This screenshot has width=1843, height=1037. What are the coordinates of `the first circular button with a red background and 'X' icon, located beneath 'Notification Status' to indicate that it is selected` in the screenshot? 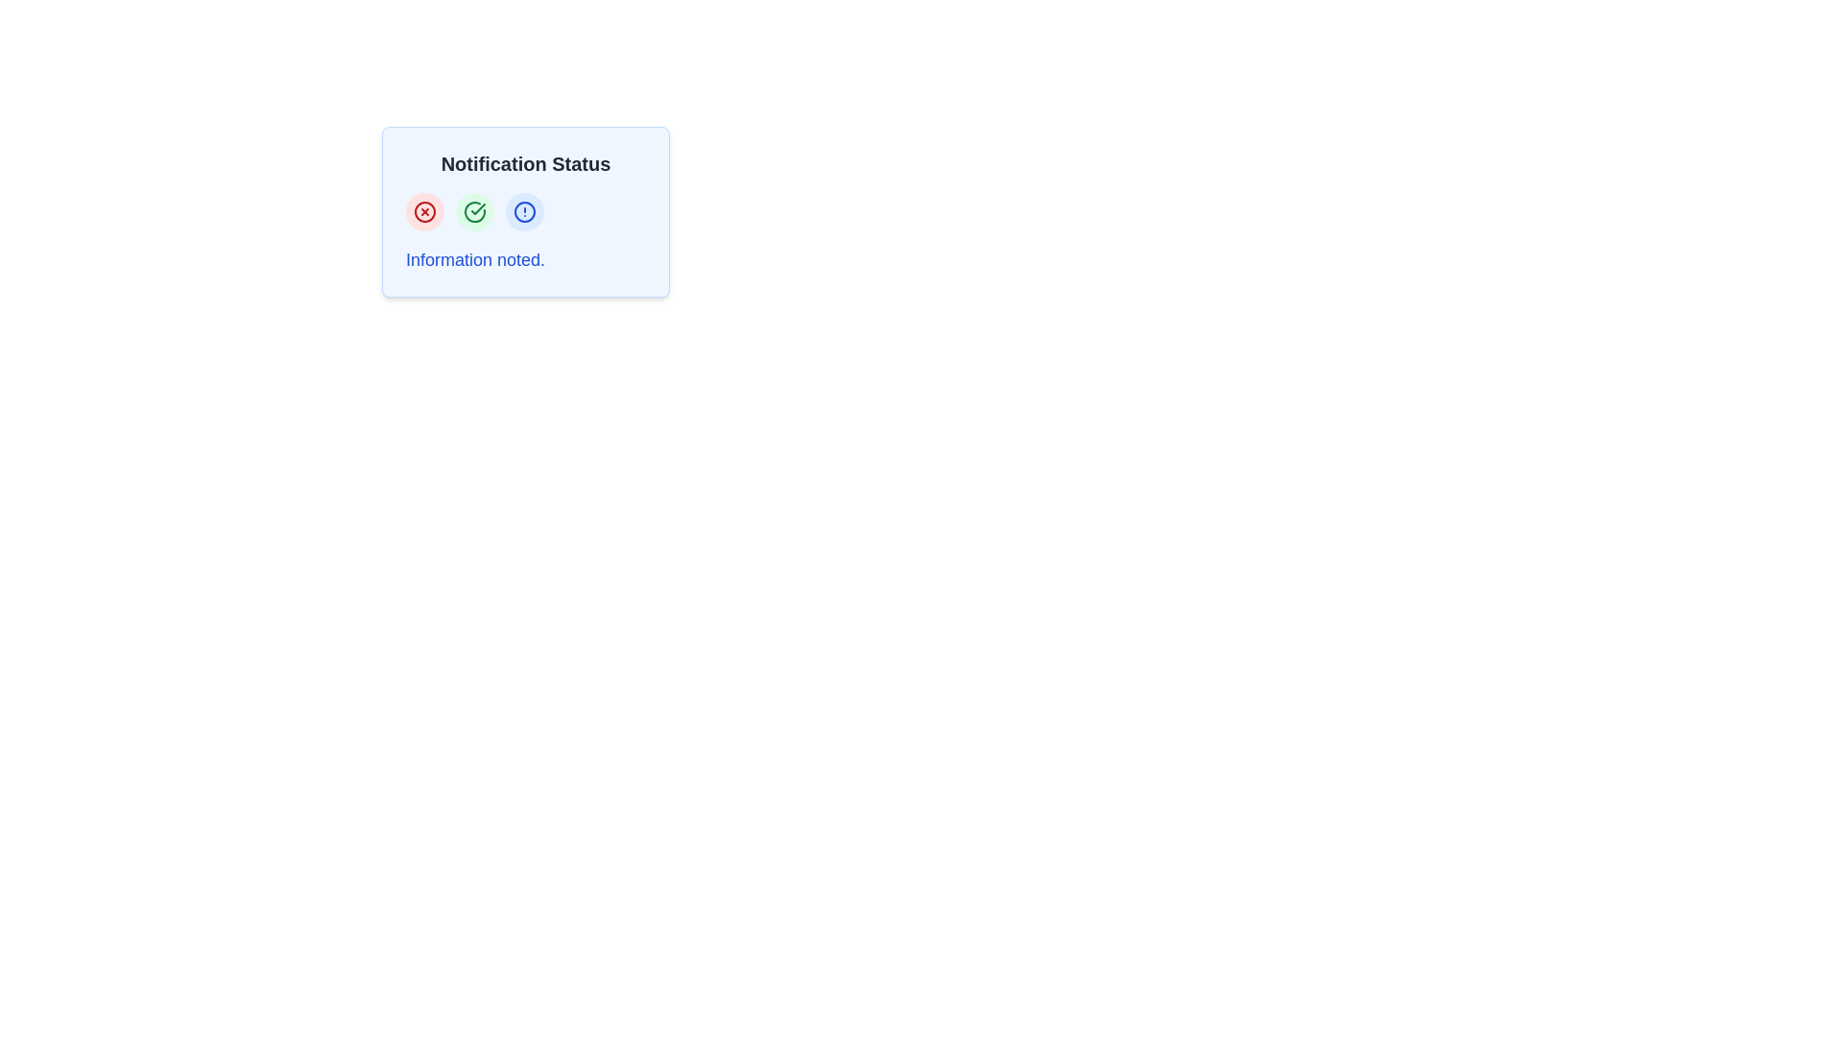 It's located at (423, 211).